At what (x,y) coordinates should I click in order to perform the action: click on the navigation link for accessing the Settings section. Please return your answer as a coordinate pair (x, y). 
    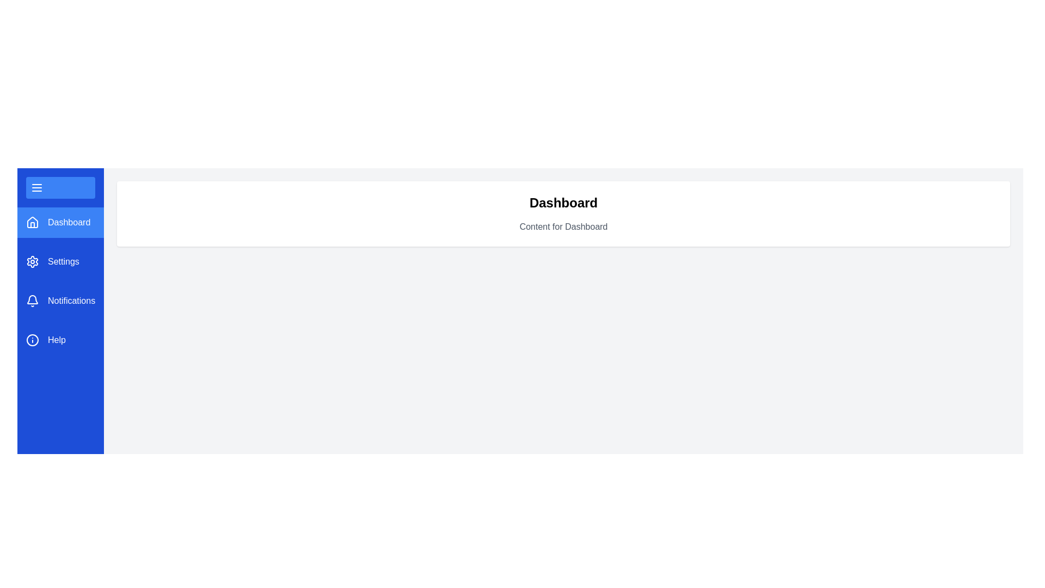
    Looking at the image, I should click on (60, 262).